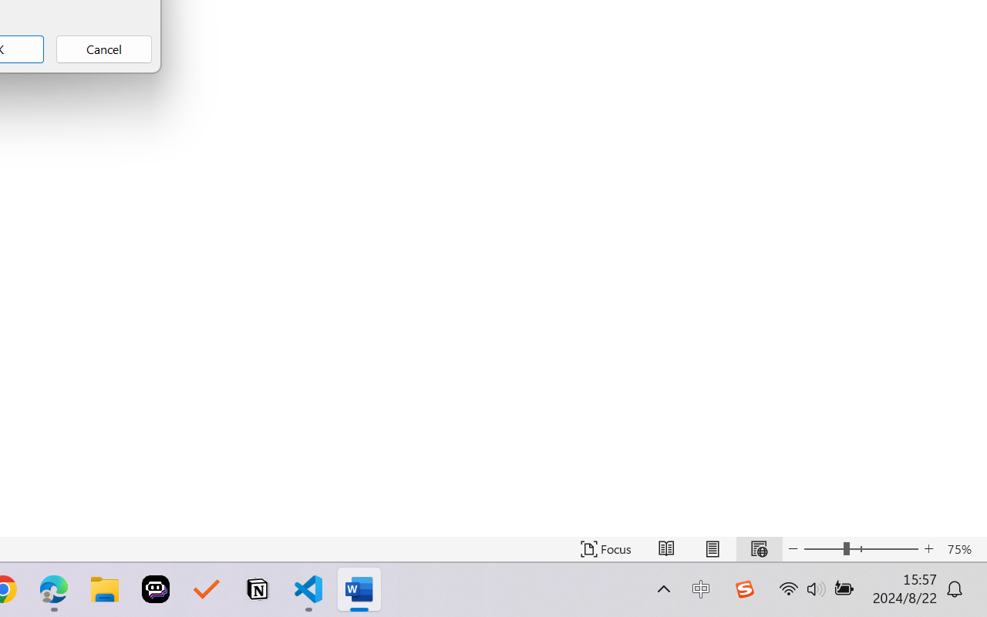  I want to click on 'Class: Image', so click(744, 589).